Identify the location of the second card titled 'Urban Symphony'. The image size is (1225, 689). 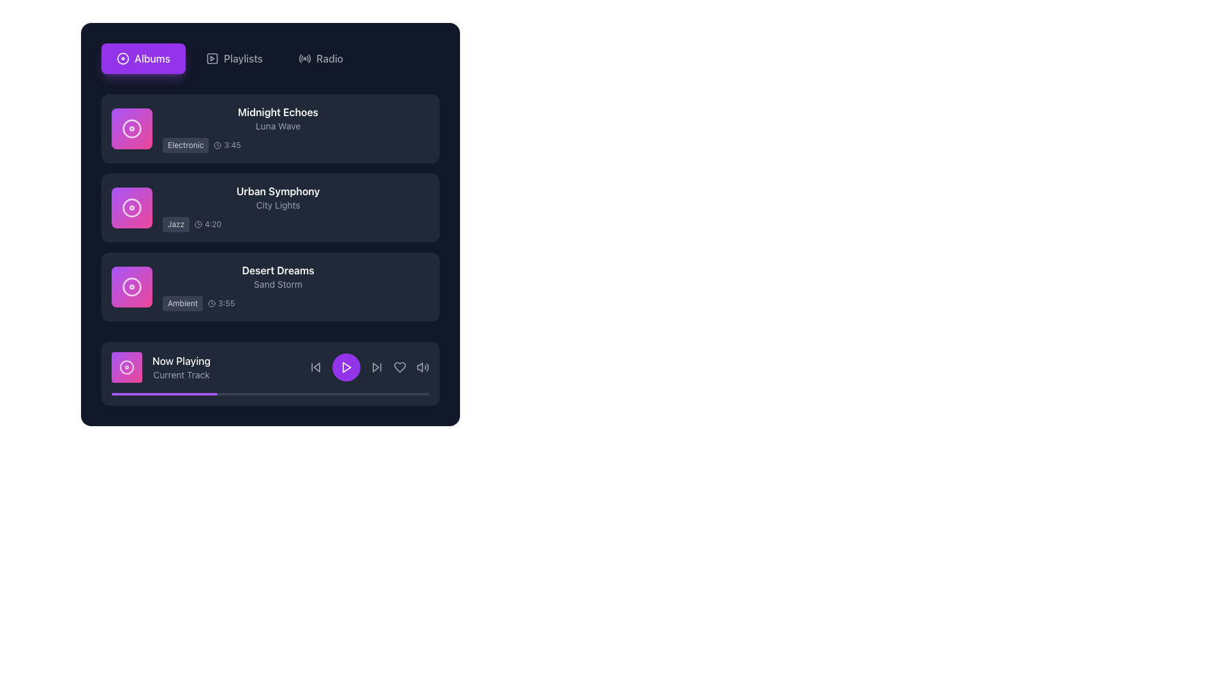
(269, 207).